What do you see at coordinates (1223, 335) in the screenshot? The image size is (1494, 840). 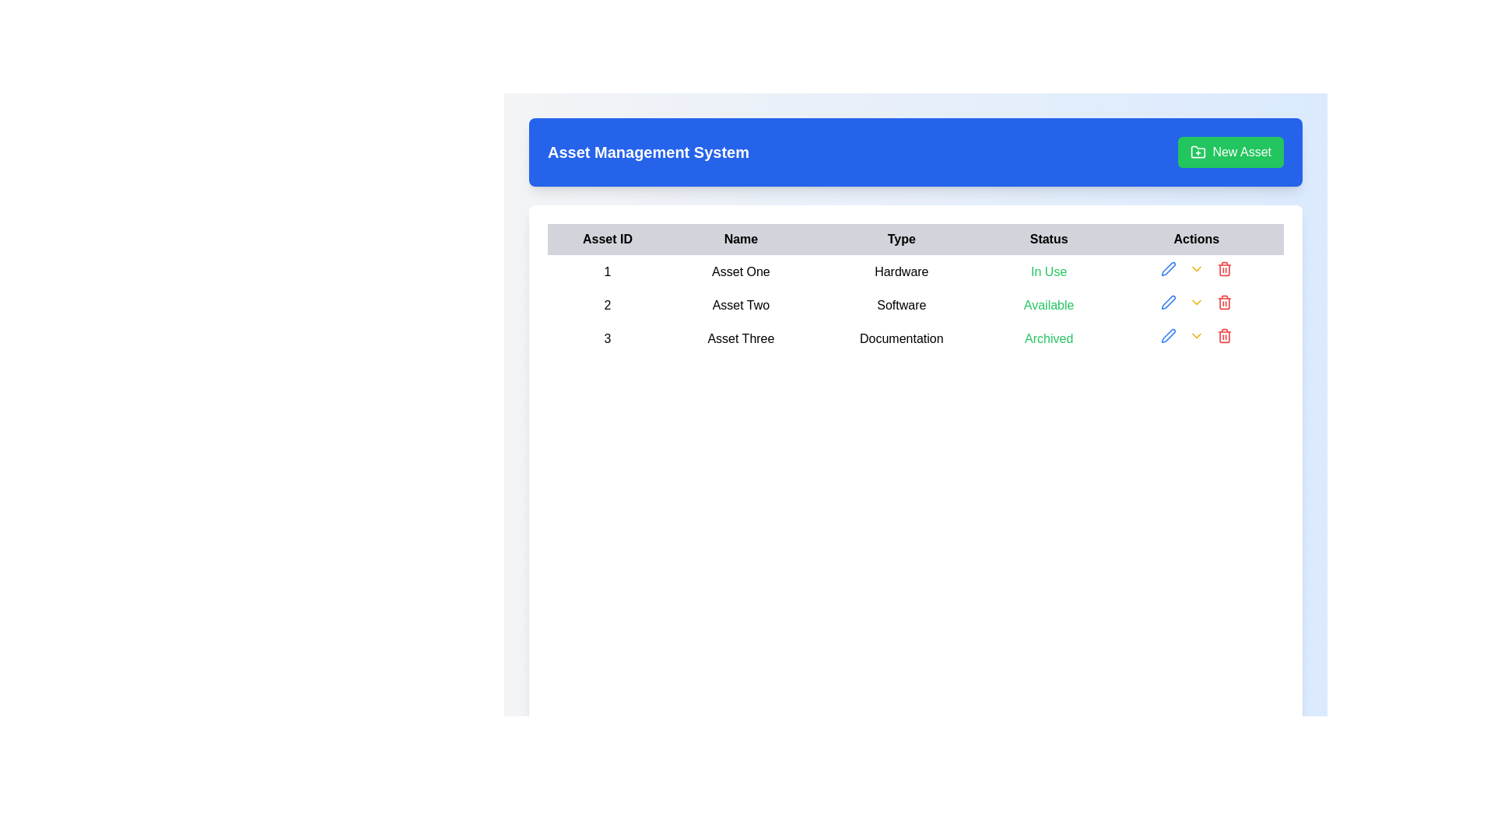 I see `the delete icon in the 'Actions' column of the last row, associated with 'Asset Three'` at bounding box center [1223, 335].